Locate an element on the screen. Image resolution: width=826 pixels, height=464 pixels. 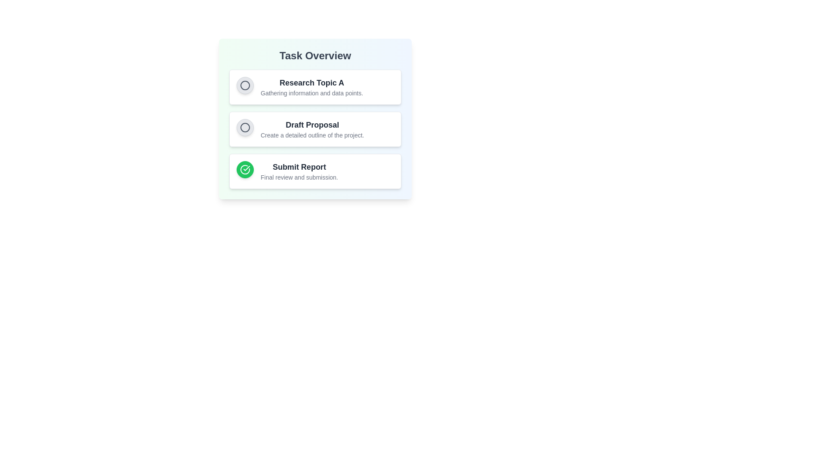
the interactive icon representing the status of the task item adjacent to 'Research Topic A' to interact with it is located at coordinates (245, 85).